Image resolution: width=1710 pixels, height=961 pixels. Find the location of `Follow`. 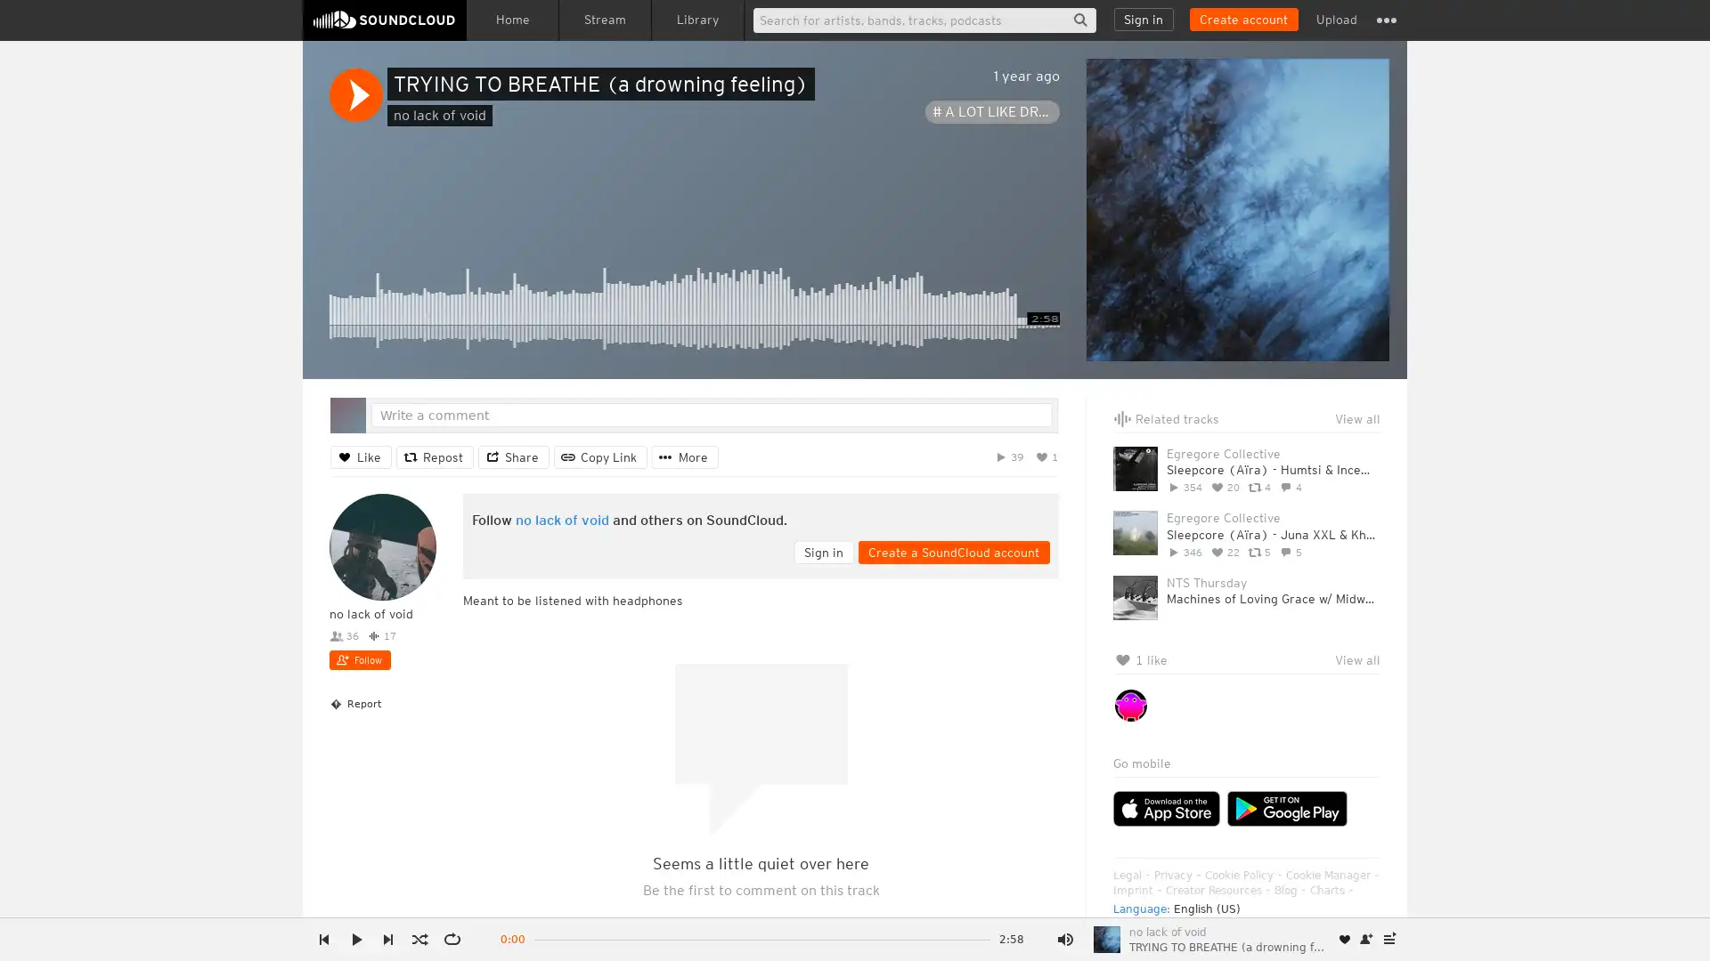

Follow is located at coordinates (359, 659).